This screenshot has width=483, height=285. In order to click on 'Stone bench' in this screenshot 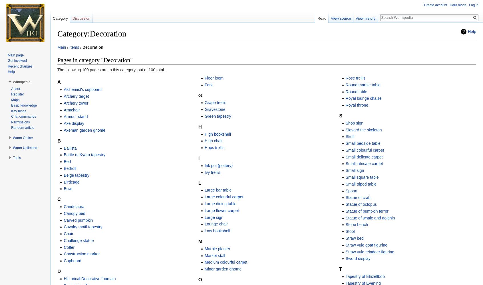, I will do `click(357, 225)`.